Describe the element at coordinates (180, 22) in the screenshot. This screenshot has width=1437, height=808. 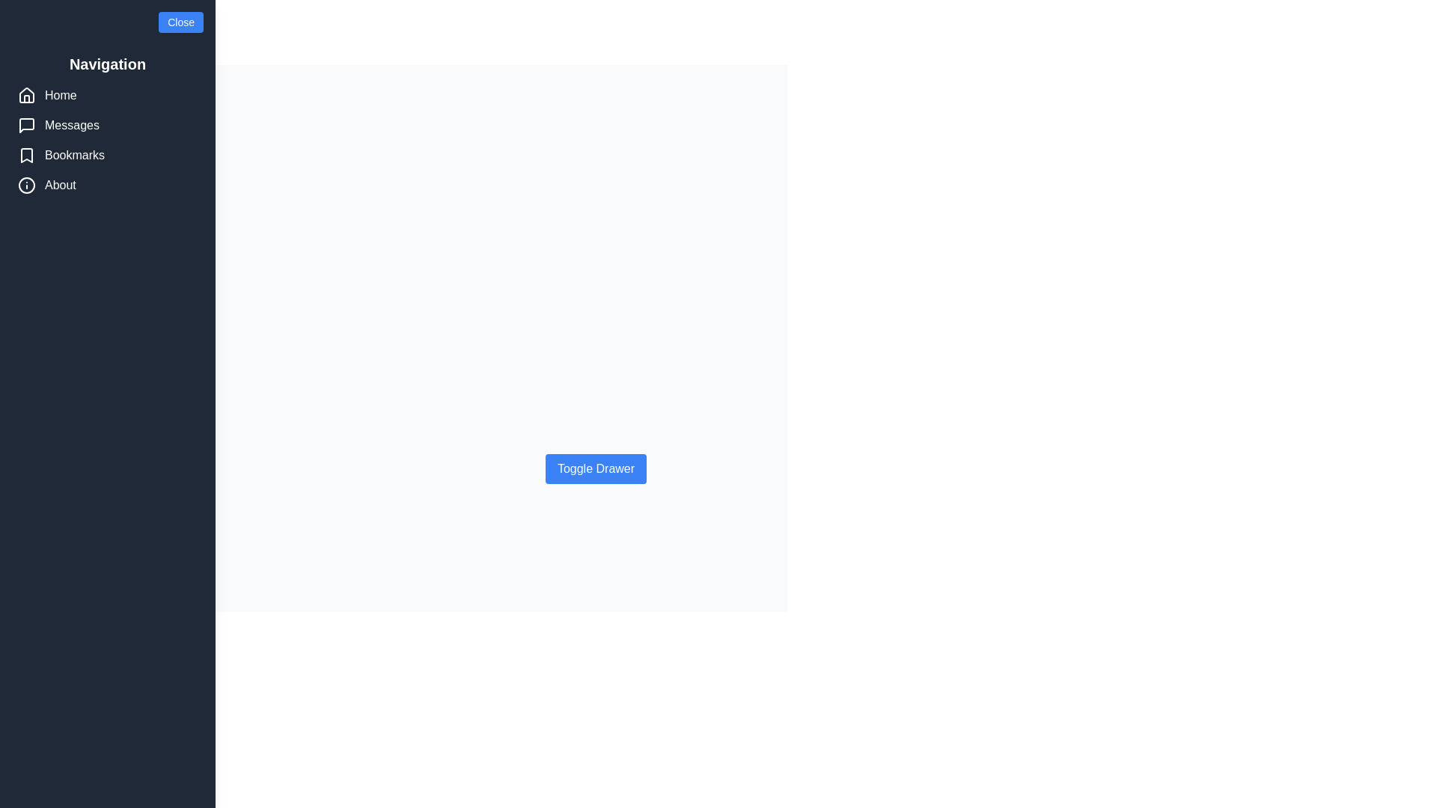
I see `the 'Close' button to close the drawer` at that location.